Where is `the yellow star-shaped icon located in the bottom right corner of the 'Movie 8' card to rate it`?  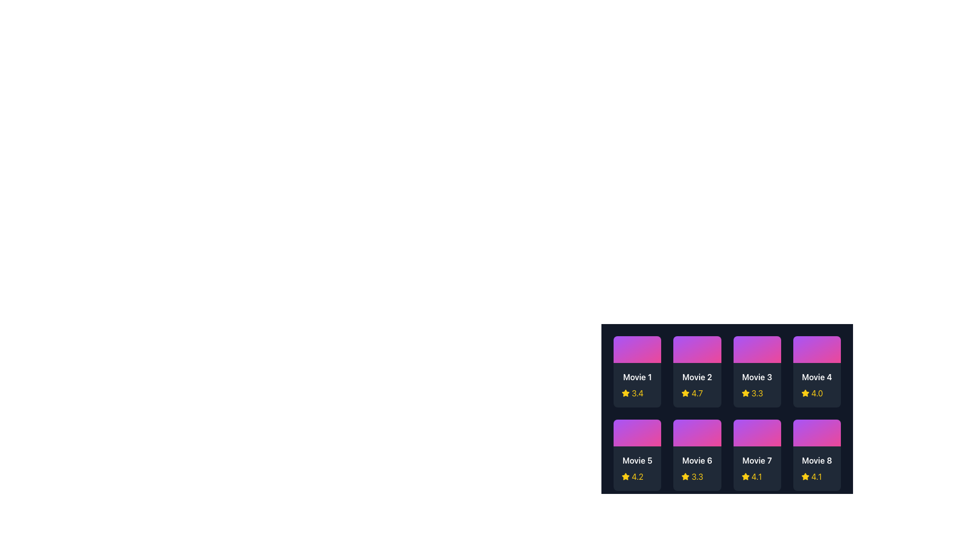 the yellow star-shaped icon located in the bottom right corner of the 'Movie 8' card to rate it is located at coordinates (804, 476).